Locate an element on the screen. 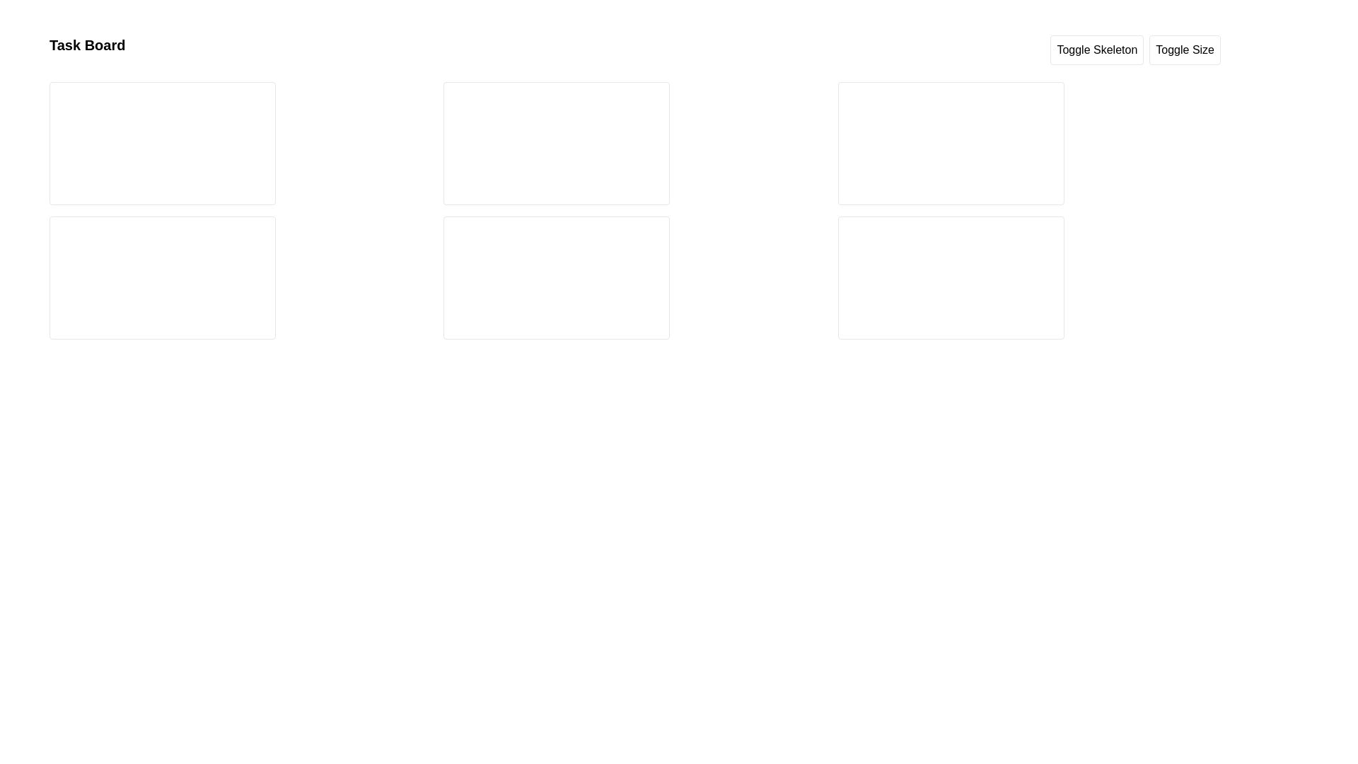 This screenshot has width=1358, height=764. the loading placeholder consisting of skeleton divs located in the second column of the layout, in the lower card of the column's second row is located at coordinates (163, 296).